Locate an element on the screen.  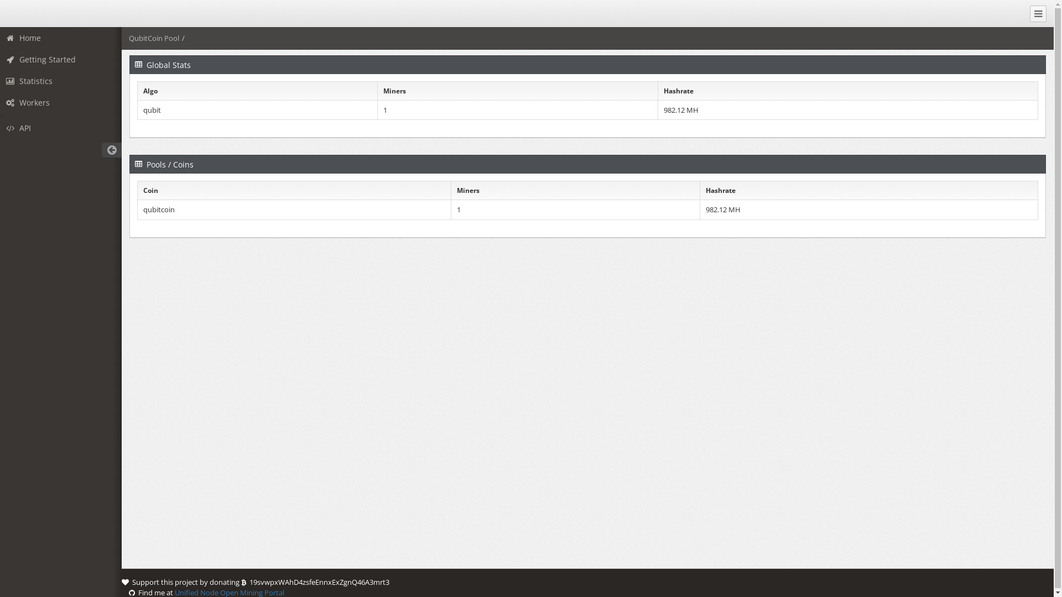
'API' is located at coordinates (60, 127).